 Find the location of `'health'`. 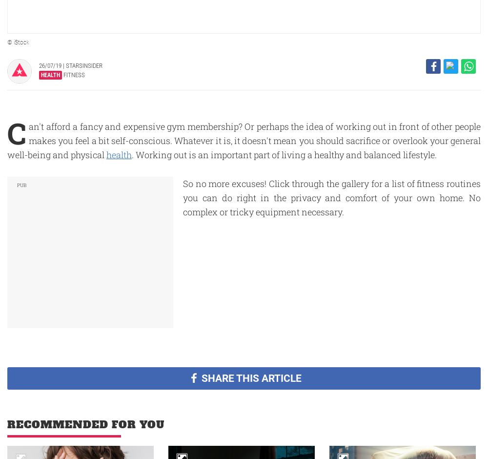

'health' is located at coordinates (119, 154).